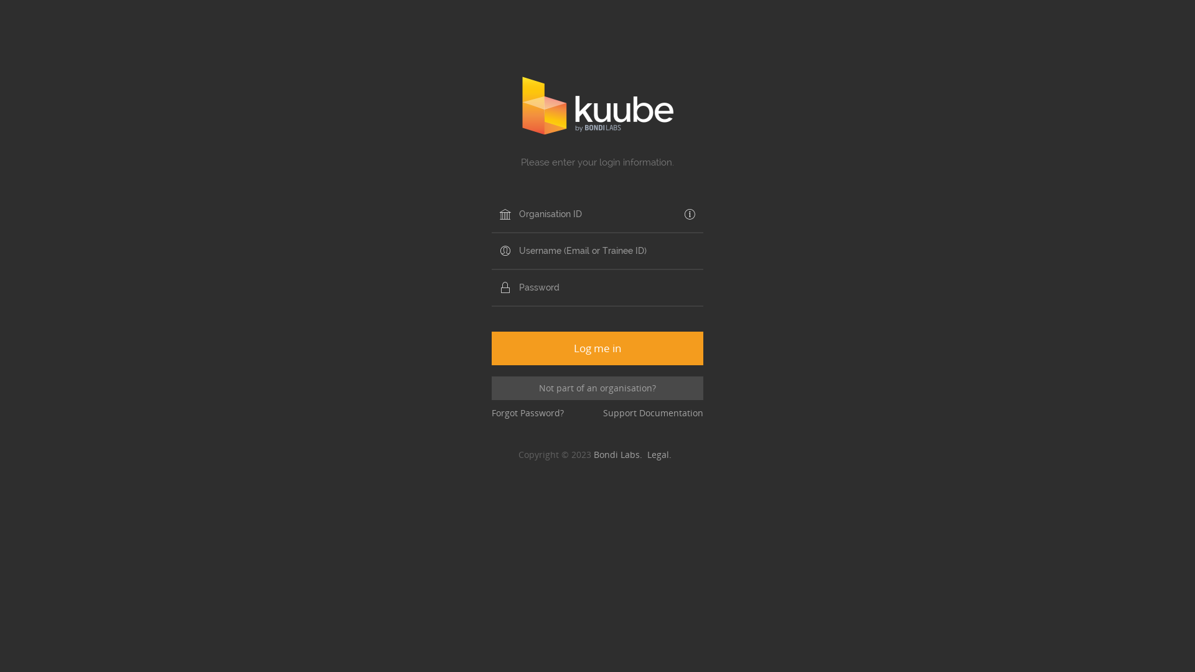 This screenshot has height=672, width=1195. I want to click on 'Bondi Labs.  ', so click(621, 454).